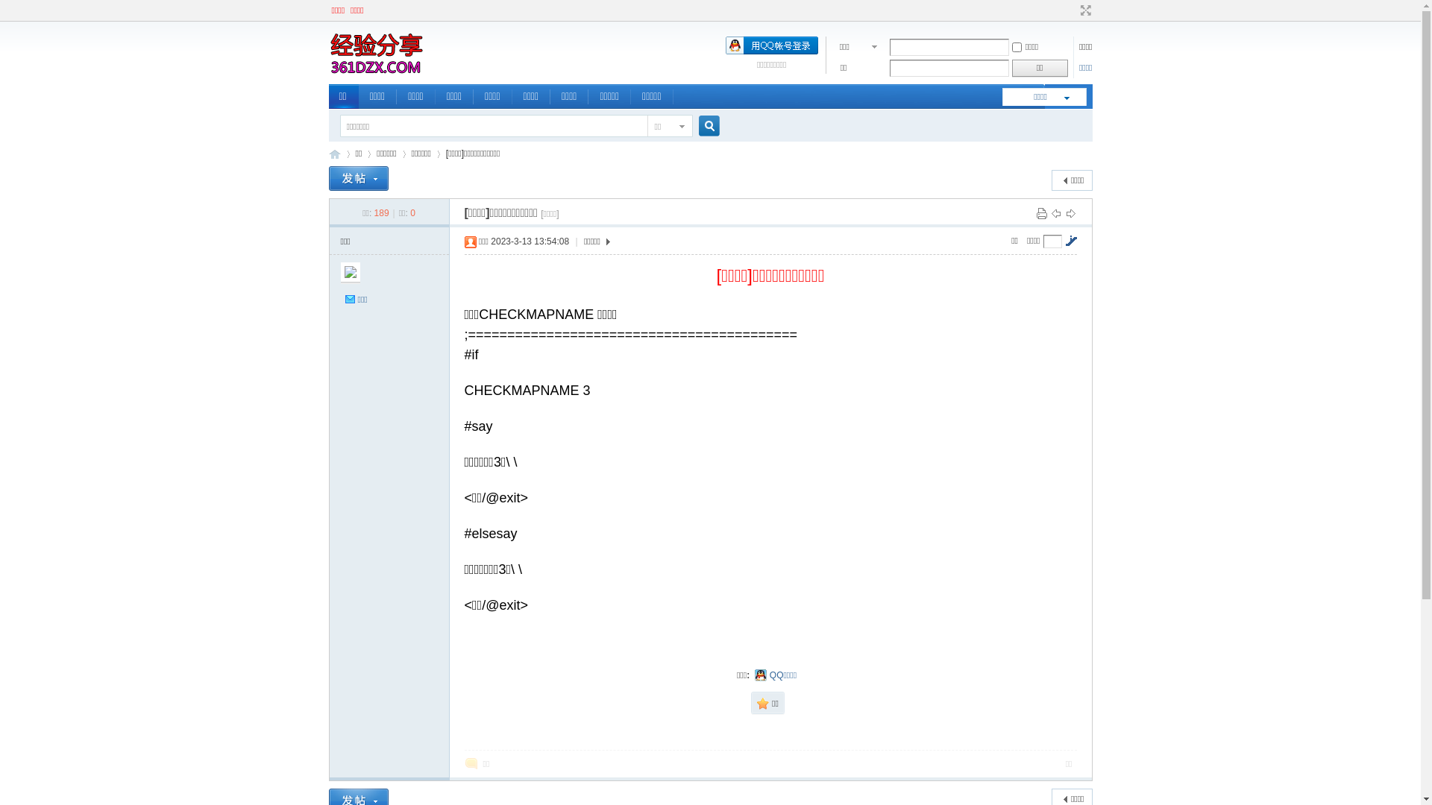 The height and width of the screenshot is (805, 1432). Describe the element at coordinates (691, 125) in the screenshot. I see `'true'` at that location.